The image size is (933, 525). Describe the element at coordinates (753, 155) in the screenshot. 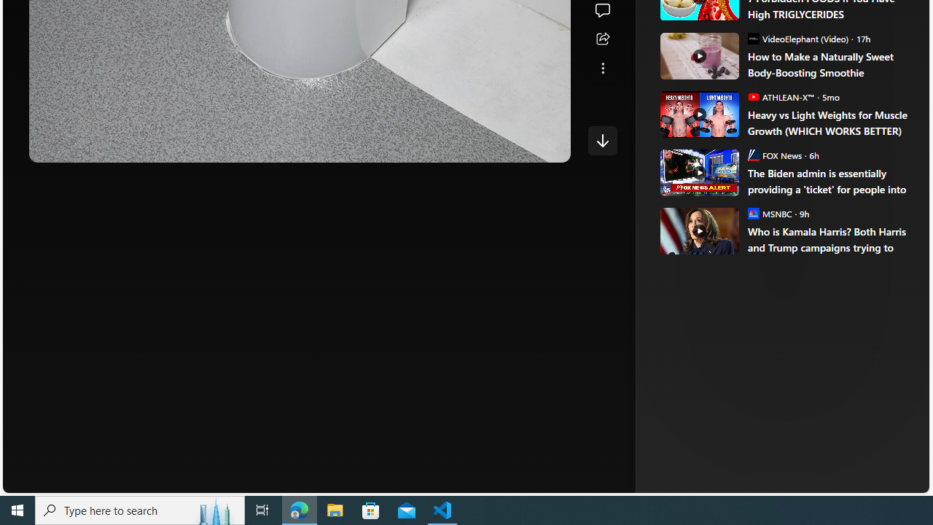

I see `'FOX News'` at that location.